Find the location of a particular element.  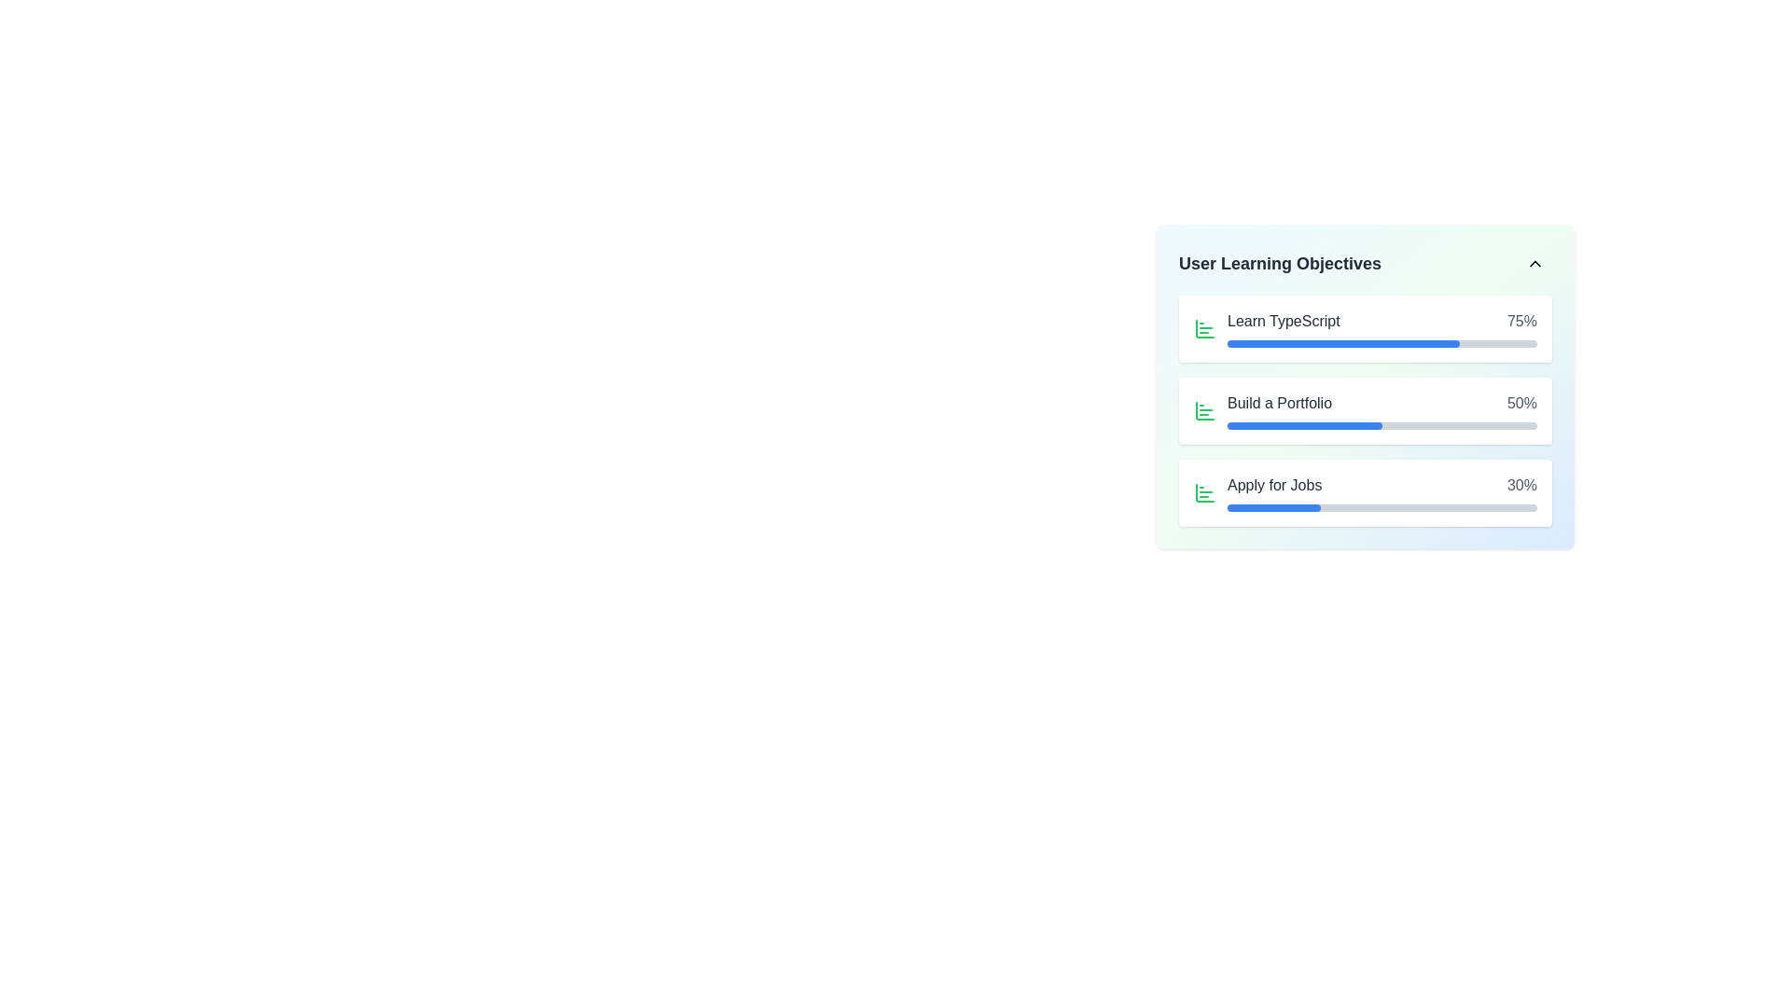

the green outline bar chart icon representing the learning objective 'Learn TypeScript', which is the first icon in the list item is located at coordinates (1204, 328).